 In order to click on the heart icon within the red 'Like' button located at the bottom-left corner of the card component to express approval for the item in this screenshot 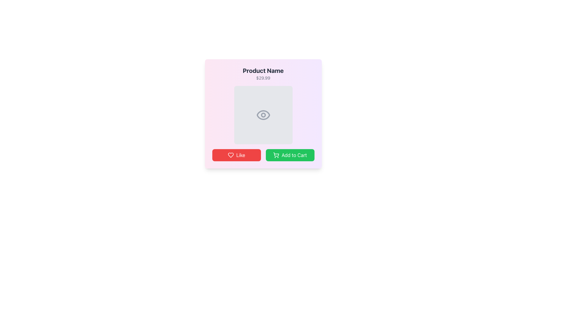, I will do `click(230, 155)`.